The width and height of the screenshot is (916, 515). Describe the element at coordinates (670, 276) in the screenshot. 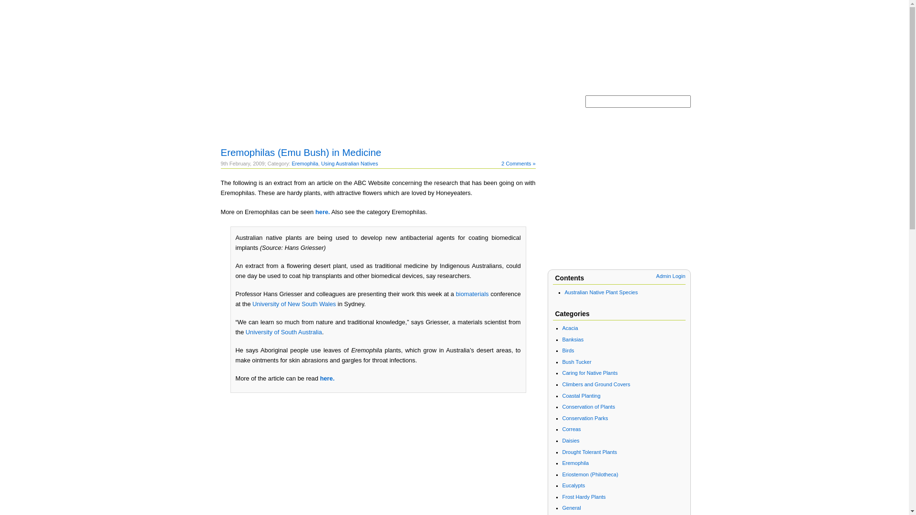

I see `'Admin Login'` at that location.